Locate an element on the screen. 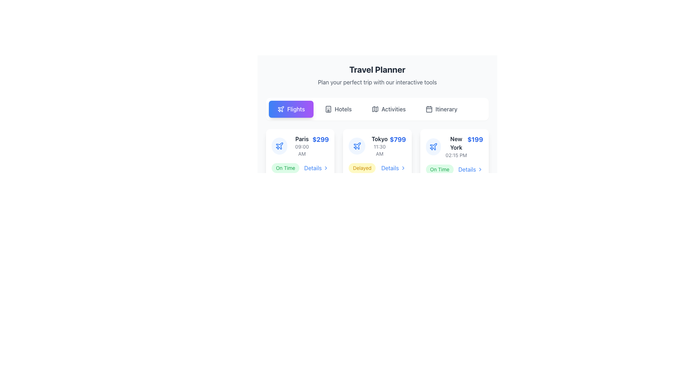  the text label that displays the departure or arrival time for the flight destination, located in the third card under the 'Flights' section, below 'New York' and above the 'On Time' label is located at coordinates (456, 155).